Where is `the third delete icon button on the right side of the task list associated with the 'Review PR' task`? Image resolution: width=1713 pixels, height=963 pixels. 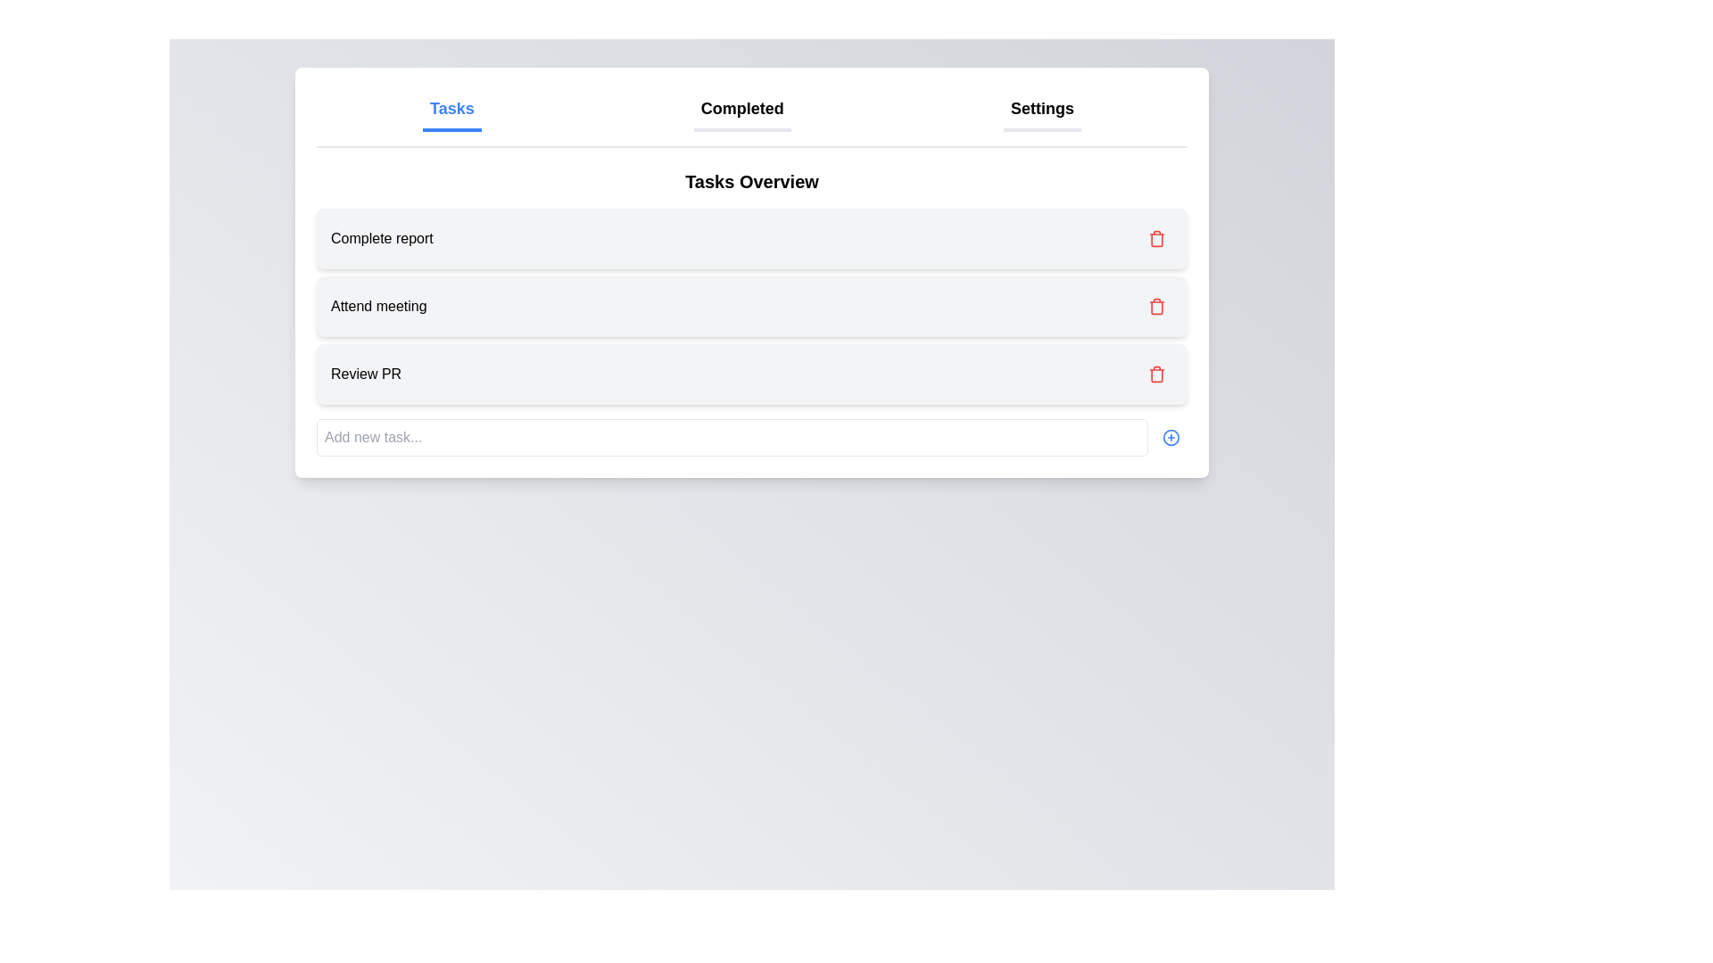 the third delete icon button on the right side of the task list associated with the 'Review PR' task is located at coordinates (1156, 305).